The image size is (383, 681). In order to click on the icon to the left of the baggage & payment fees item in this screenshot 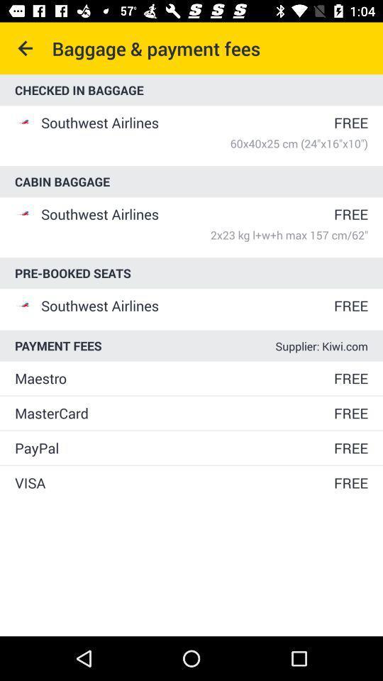, I will do `click(26, 48)`.